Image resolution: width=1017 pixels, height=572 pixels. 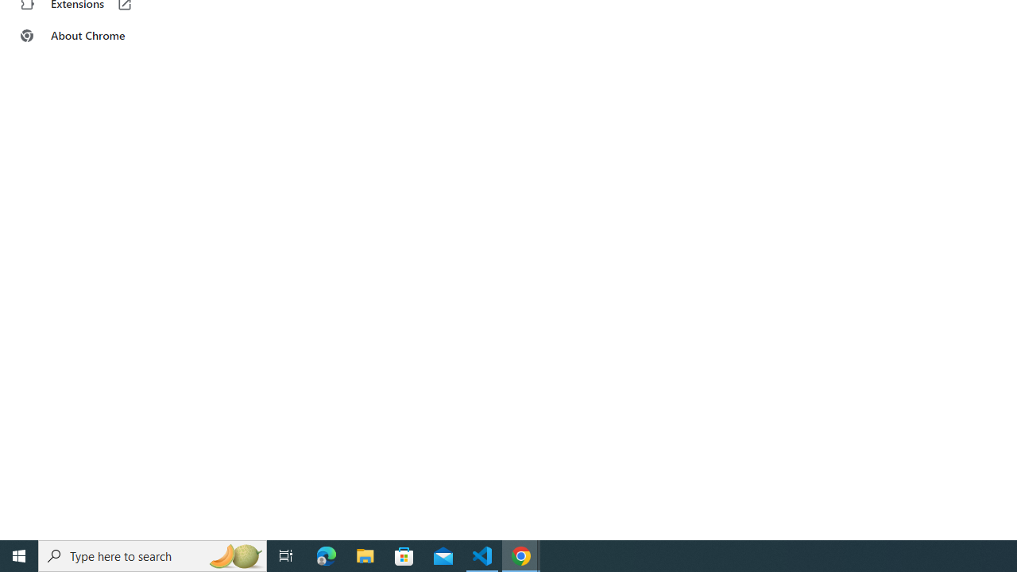 What do you see at coordinates (326, 555) in the screenshot?
I see `'Microsoft Edge'` at bounding box center [326, 555].